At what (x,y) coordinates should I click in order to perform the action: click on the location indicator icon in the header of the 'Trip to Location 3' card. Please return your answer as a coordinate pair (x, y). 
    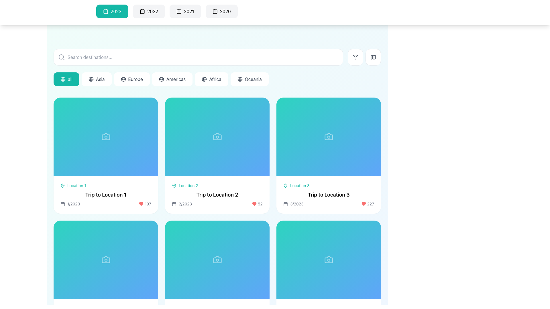
    Looking at the image, I should click on (286, 185).